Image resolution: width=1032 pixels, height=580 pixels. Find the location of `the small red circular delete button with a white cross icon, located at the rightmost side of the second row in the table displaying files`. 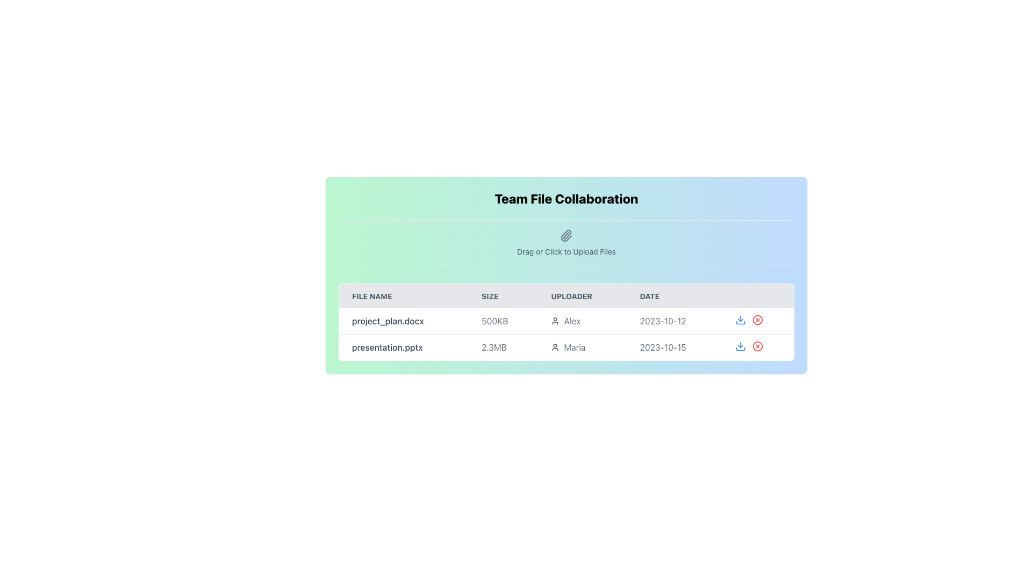

the small red circular delete button with a white cross icon, located at the rightmost side of the second row in the table displaying files is located at coordinates (757, 320).